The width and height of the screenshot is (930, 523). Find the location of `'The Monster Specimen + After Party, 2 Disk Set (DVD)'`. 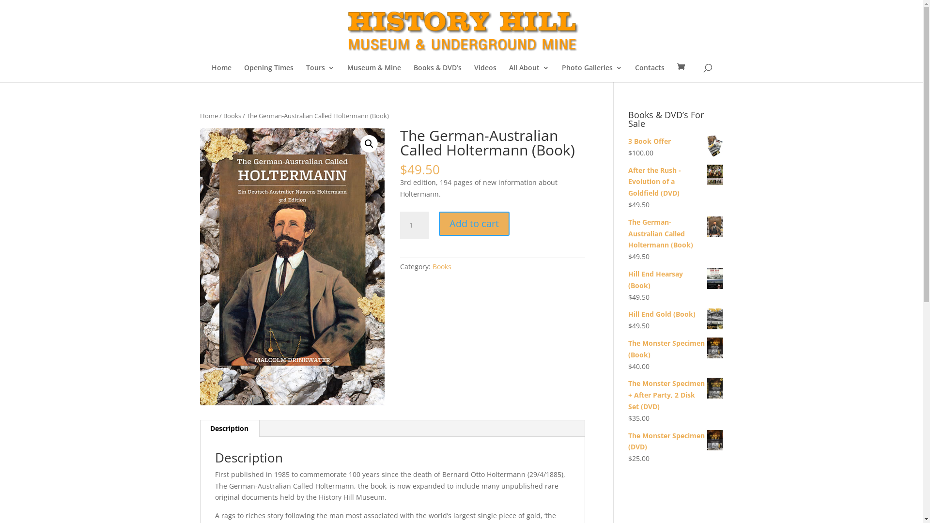

'The Monster Specimen + After Party, 2 Disk Set (DVD)' is located at coordinates (675, 395).